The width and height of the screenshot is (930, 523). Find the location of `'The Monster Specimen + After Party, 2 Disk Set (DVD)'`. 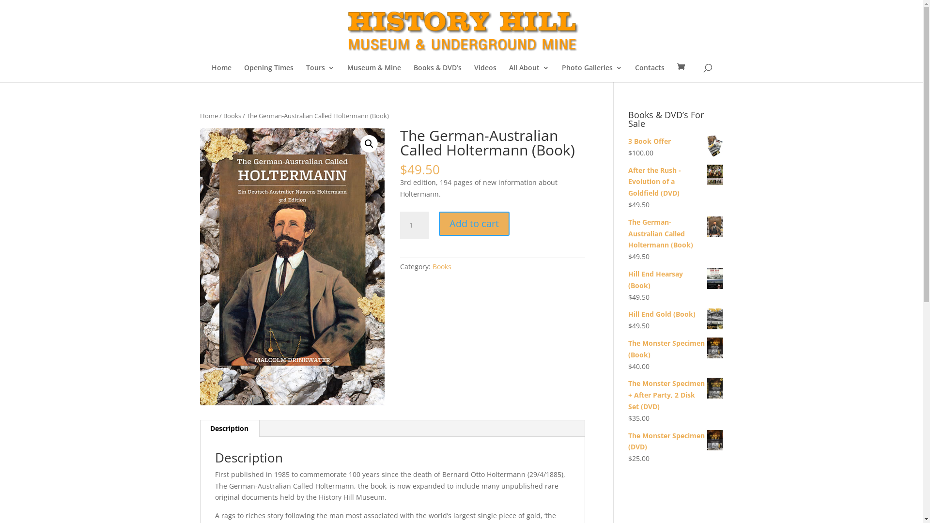

'The Monster Specimen + After Party, 2 Disk Set (DVD)' is located at coordinates (675, 395).